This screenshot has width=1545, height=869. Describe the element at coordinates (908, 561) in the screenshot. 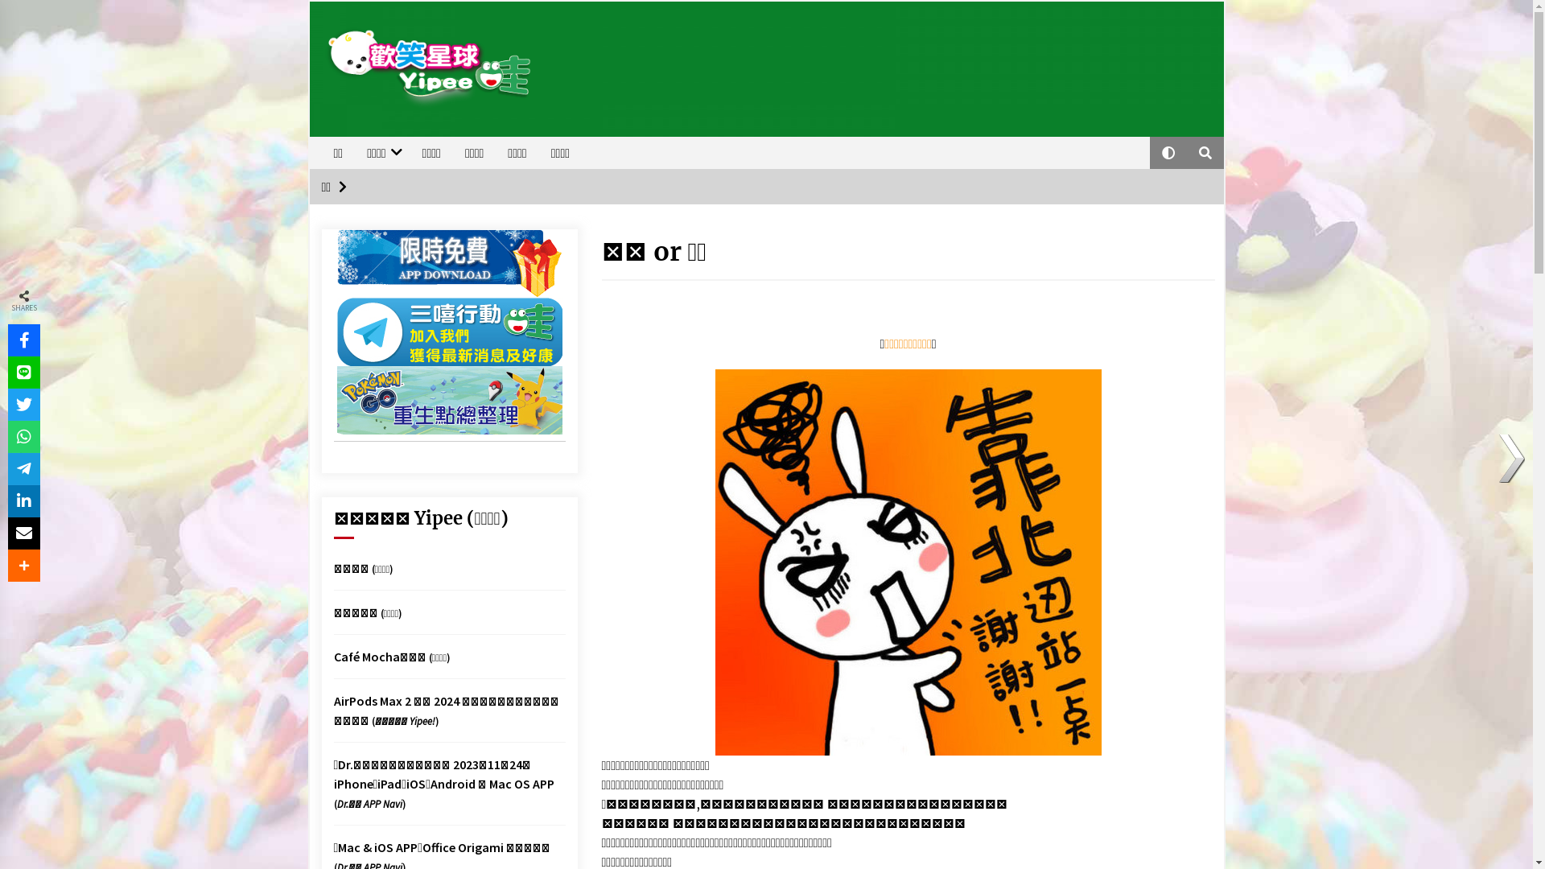

I see `'f2925'` at that location.